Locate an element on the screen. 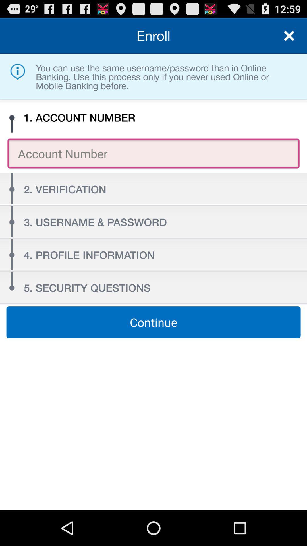  the item below the 1. account number icon is located at coordinates (153, 153).